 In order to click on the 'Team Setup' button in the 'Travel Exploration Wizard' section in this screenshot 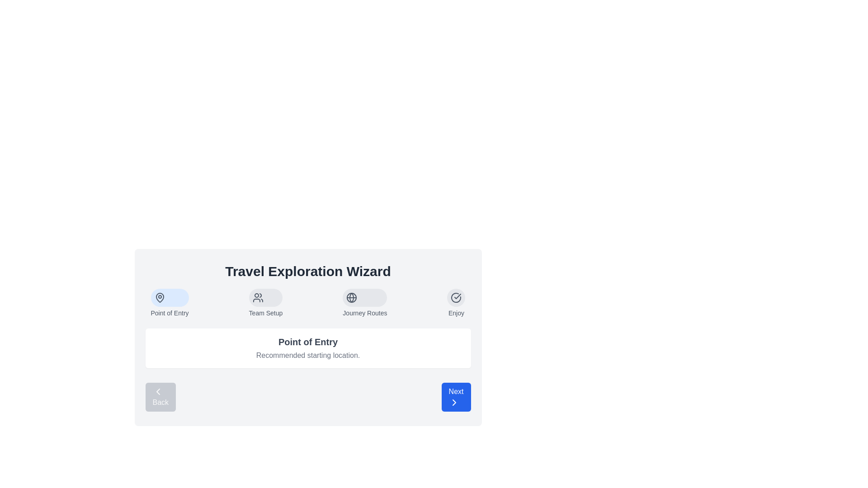, I will do `click(265, 303)`.